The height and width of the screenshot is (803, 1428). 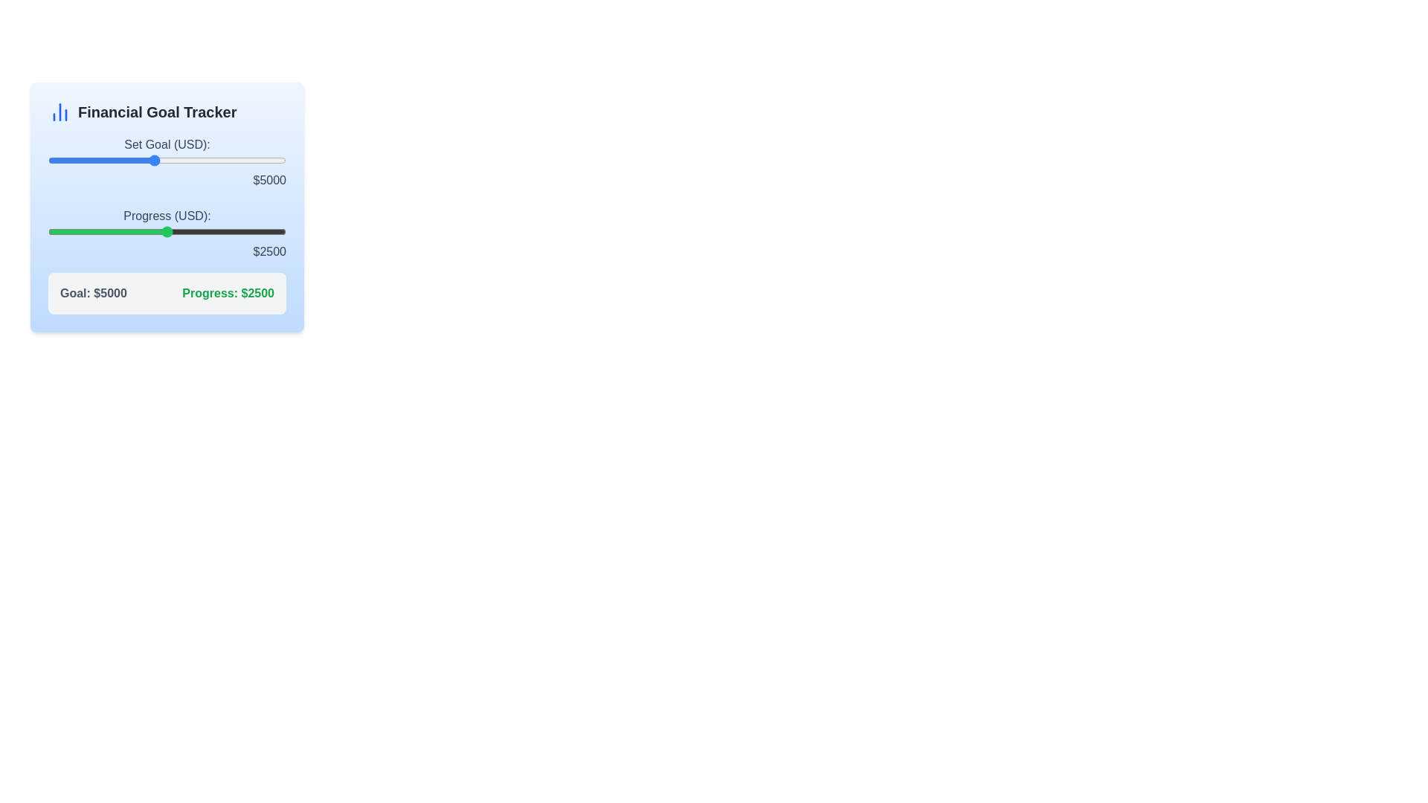 I want to click on the financial goal slider to 9238 USD, so click(x=266, y=161).